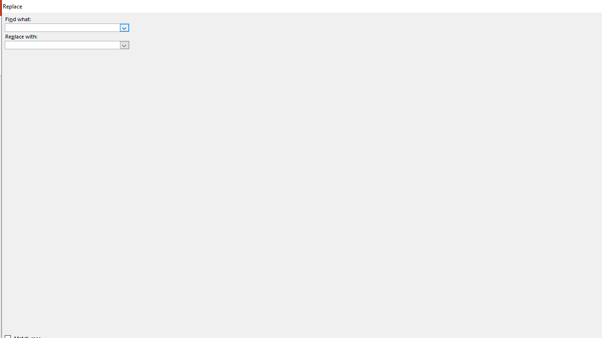  Describe the element at coordinates (62, 27) in the screenshot. I see `'Find what'` at that location.